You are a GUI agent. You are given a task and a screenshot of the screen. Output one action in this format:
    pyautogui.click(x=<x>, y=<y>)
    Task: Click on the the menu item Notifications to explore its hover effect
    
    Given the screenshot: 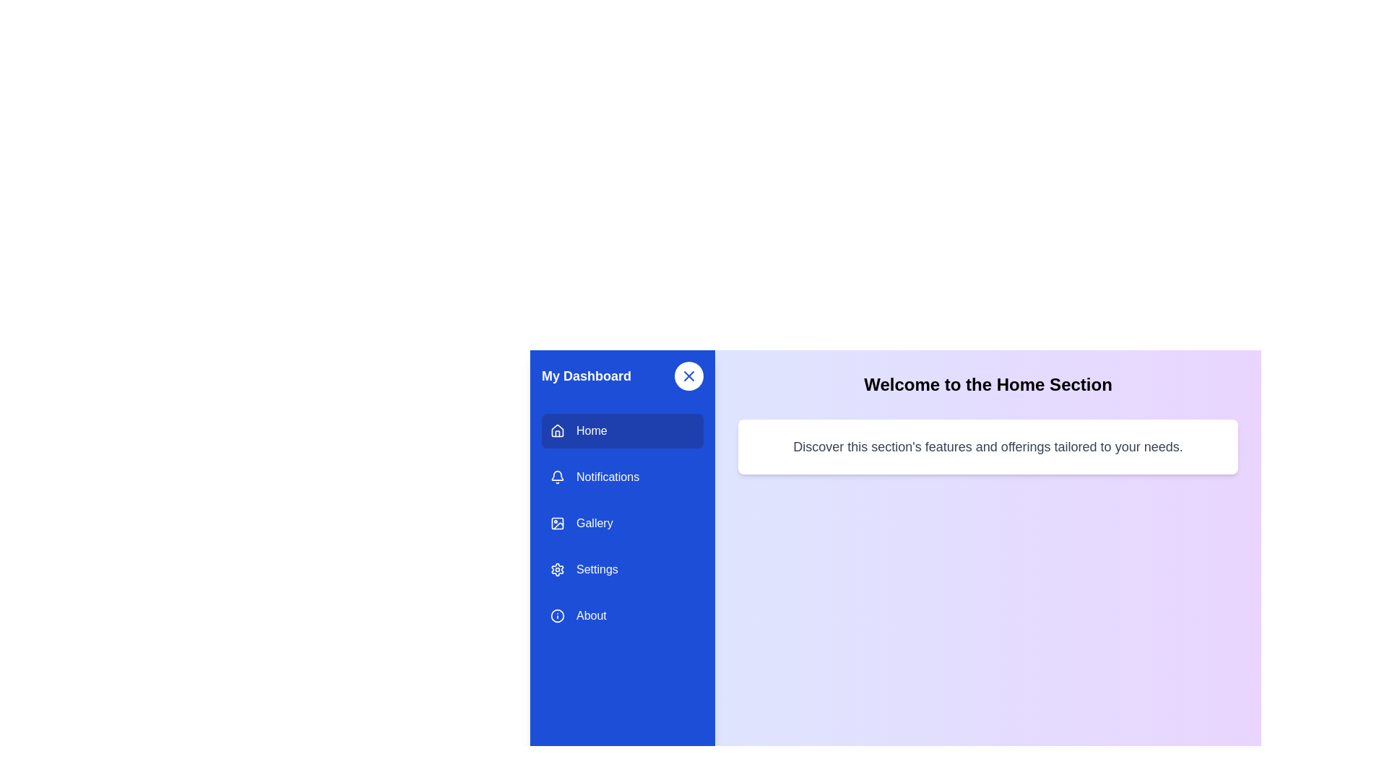 What is the action you would take?
    pyautogui.click(x=623, y=477)
    